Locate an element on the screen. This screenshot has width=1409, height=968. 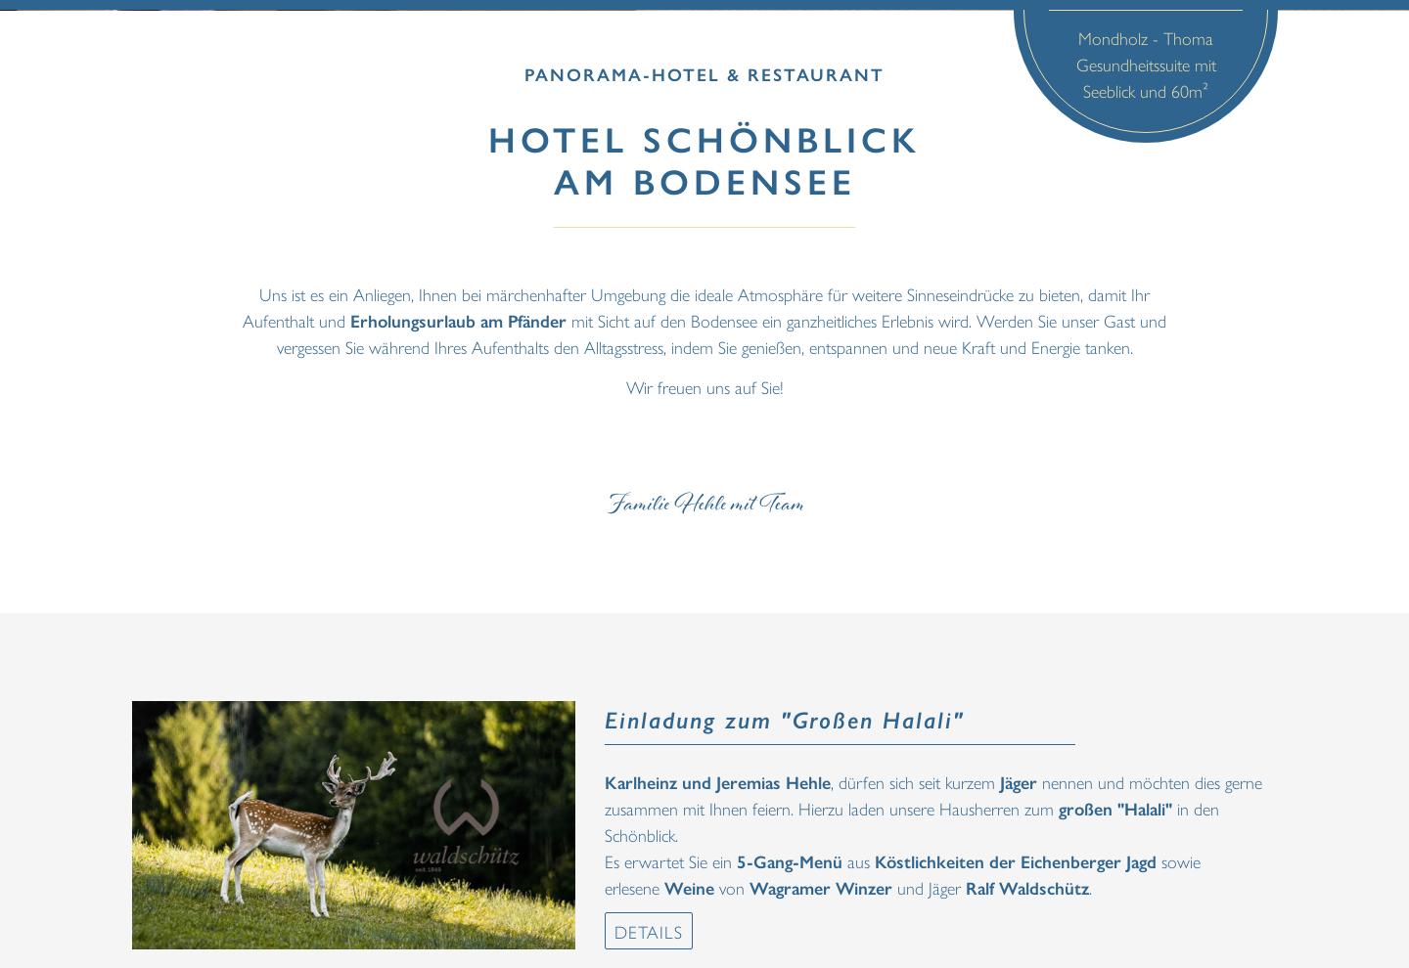
'Weine' is located at coordinates (689, 885).